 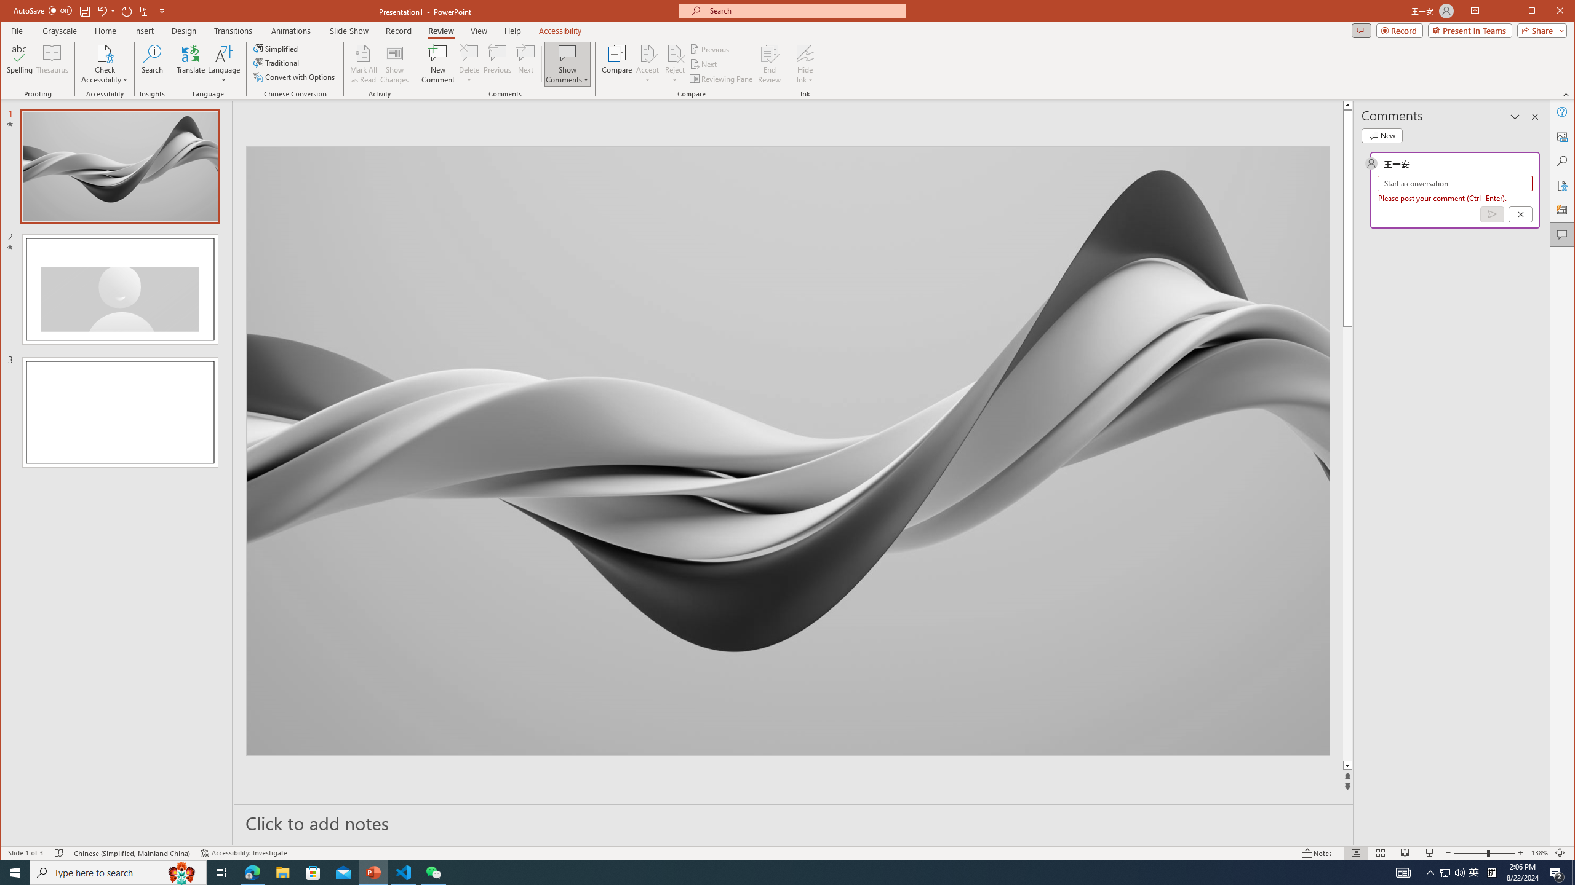 I want to click on 'Reviewing Pane', so click(x=722, y=78).